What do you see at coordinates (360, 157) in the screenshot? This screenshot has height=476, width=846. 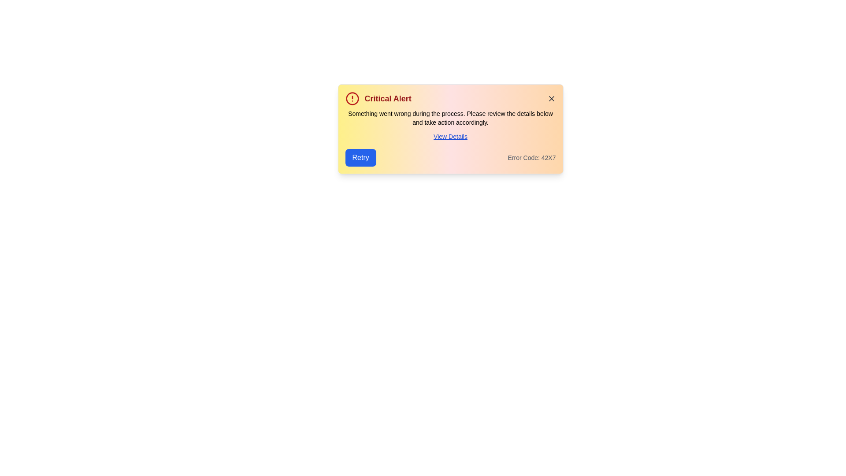 I see `the 'Retry' button to retry the operation` at bounding box center [360, 157].